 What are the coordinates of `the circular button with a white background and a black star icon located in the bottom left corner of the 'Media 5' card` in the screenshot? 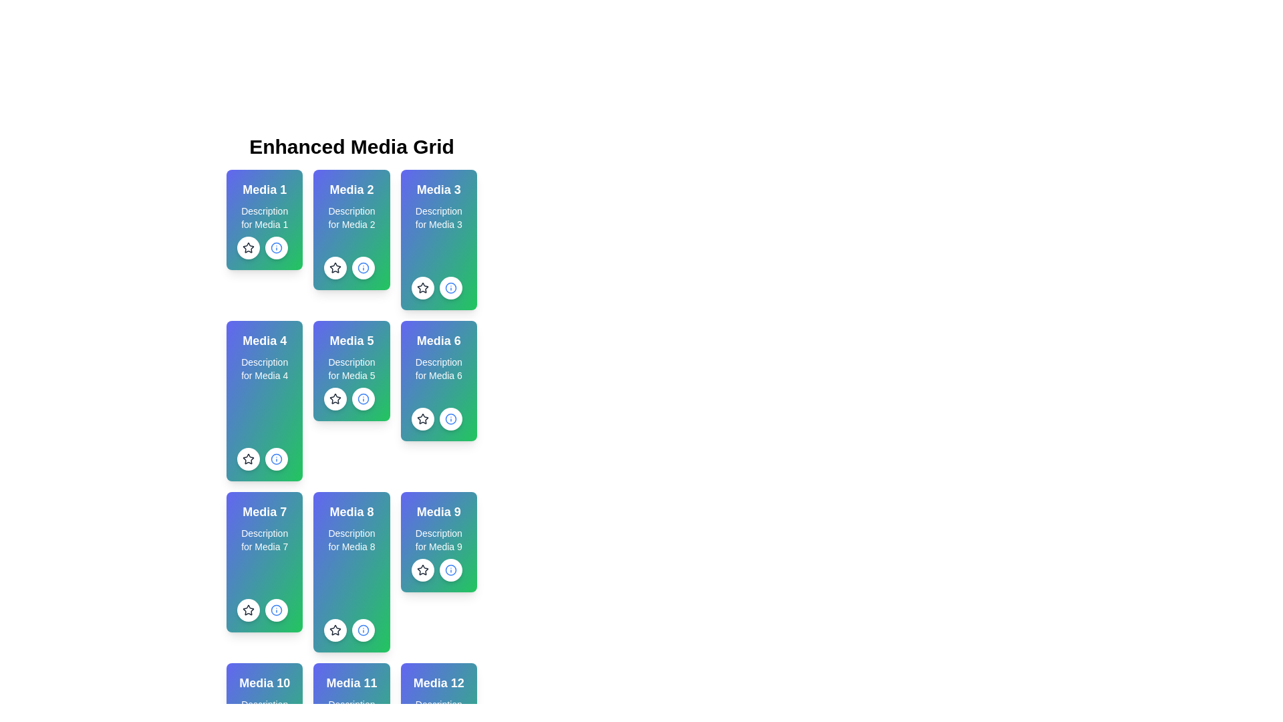 It's located at (335, 398).